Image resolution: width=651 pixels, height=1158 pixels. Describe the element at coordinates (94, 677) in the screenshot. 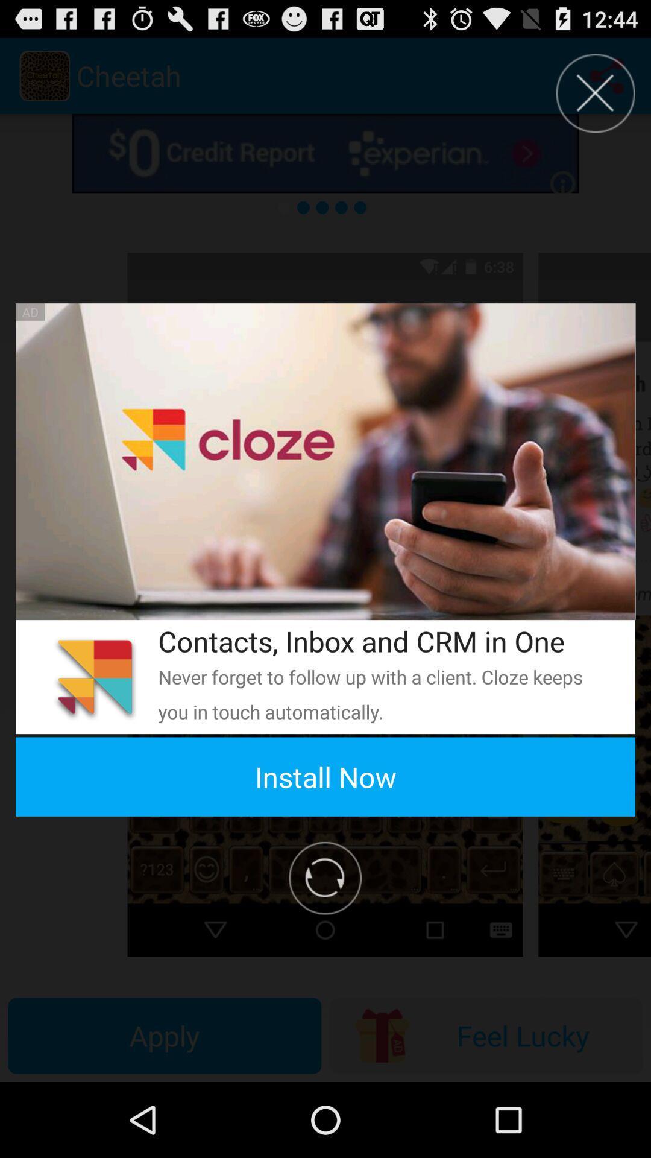

I see `the icon on the left` at that location.